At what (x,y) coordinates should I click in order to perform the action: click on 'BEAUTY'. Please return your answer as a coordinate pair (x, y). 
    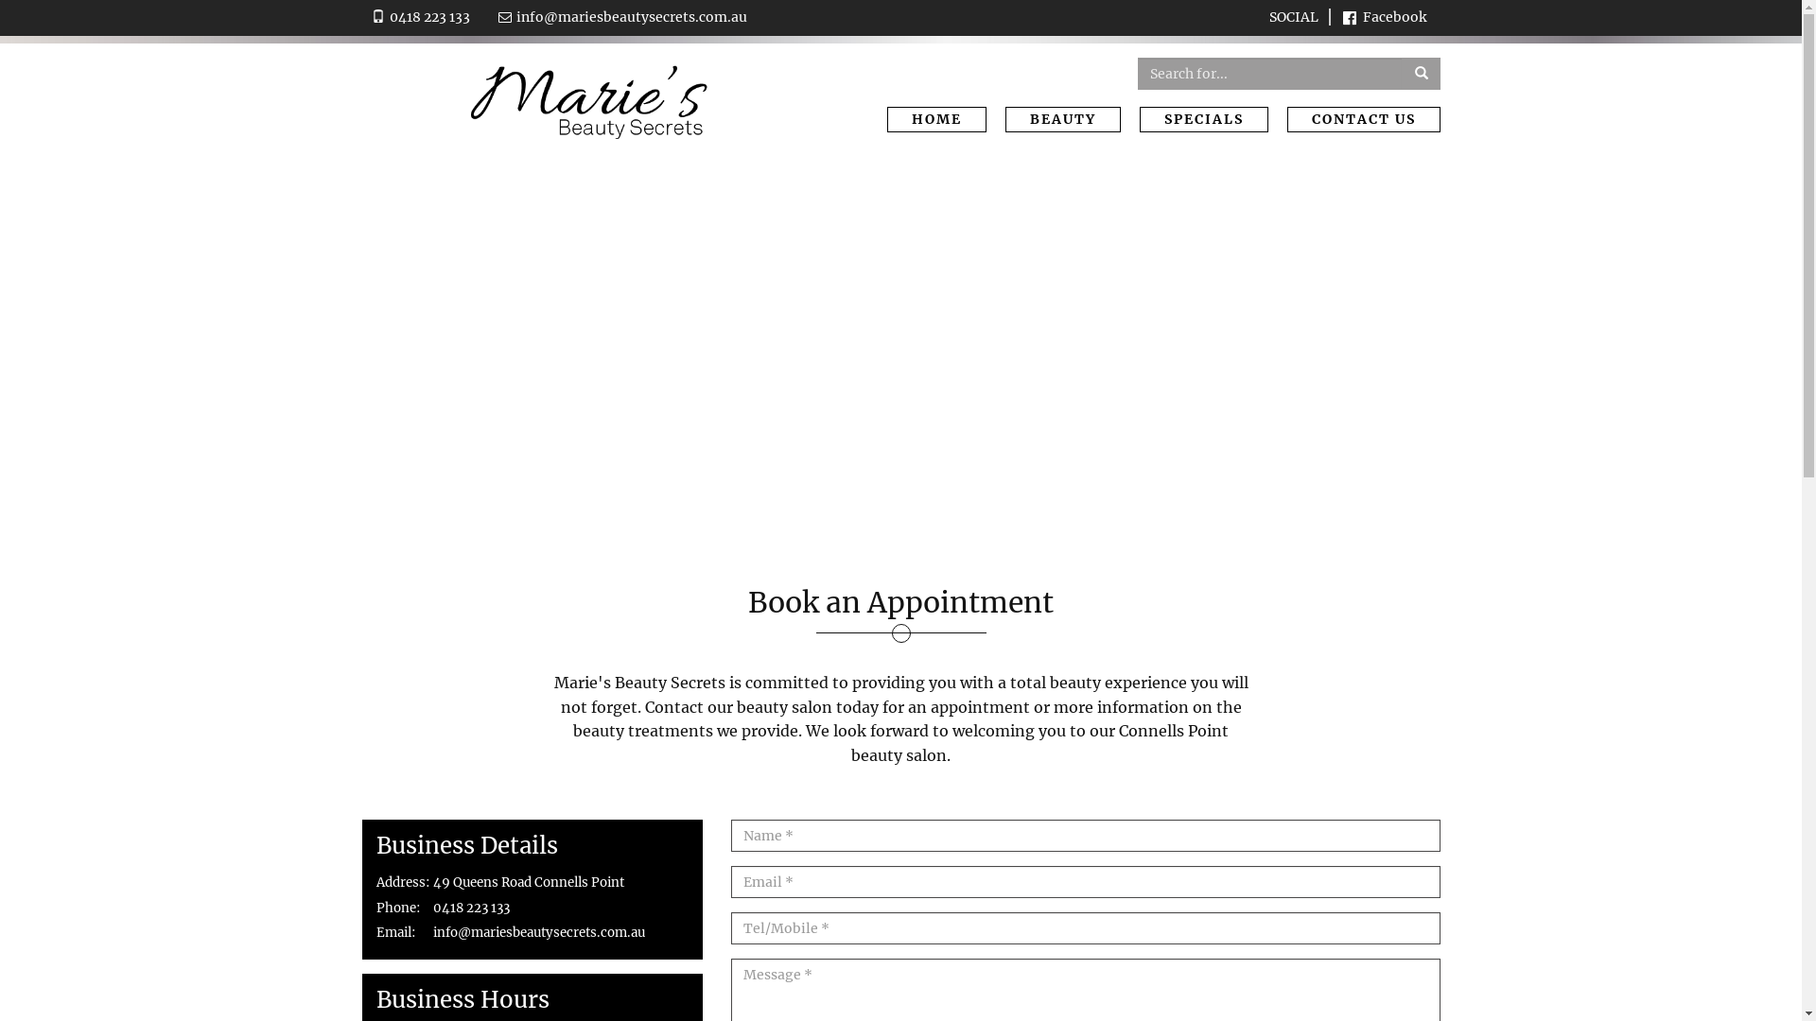
    Looking at the image, I should click on (1062, 119).